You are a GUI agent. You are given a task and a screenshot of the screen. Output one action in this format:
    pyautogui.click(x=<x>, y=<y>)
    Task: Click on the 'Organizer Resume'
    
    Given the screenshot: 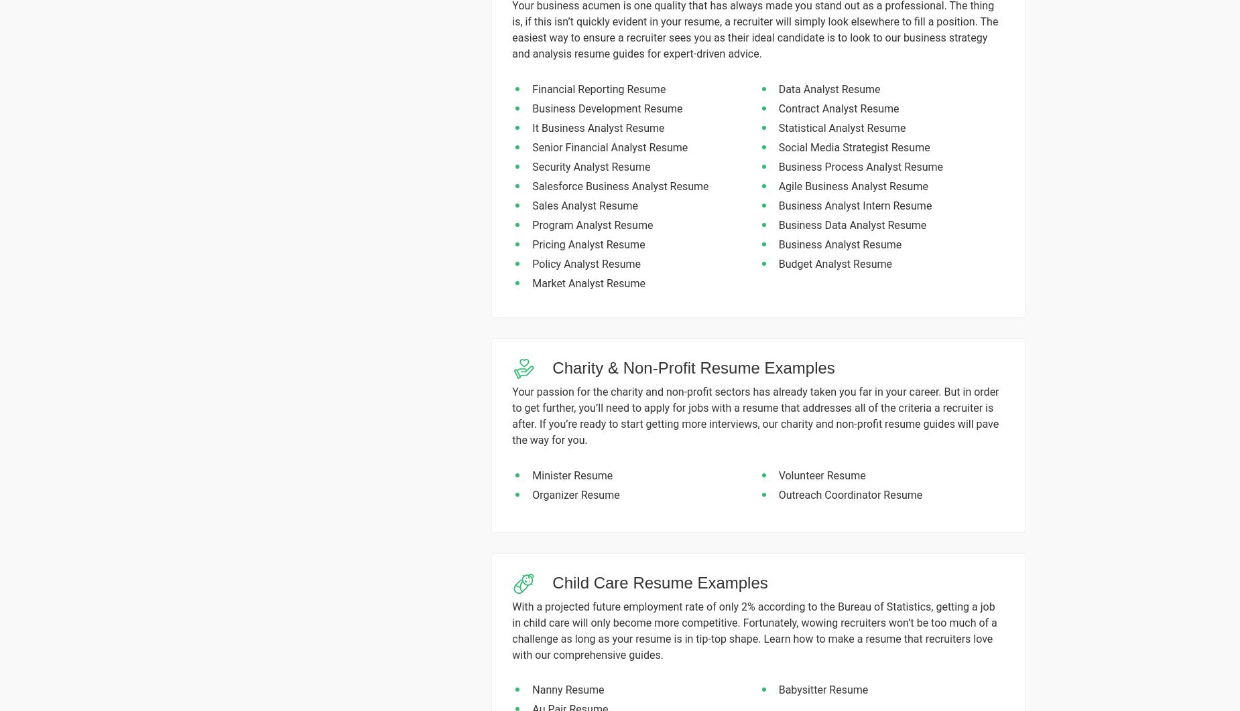 What is the action you would take?
    pyautogui.click(x=575, y=494)
    